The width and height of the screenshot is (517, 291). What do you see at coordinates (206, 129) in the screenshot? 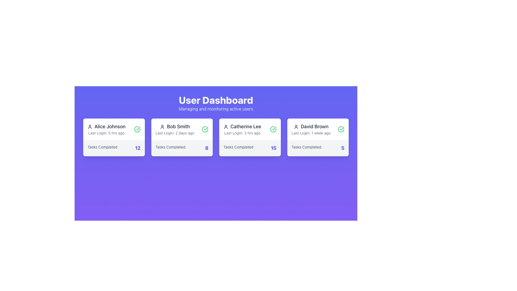
I see `the checkmark icon indicating verified status for the user profile 'David Brown'` at bounding box center [206, 129].